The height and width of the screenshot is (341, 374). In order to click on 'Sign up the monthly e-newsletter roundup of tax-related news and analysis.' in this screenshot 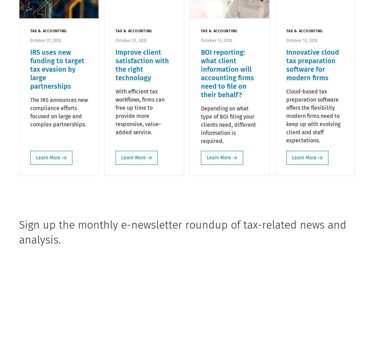, I will do `click(183, 232)`.